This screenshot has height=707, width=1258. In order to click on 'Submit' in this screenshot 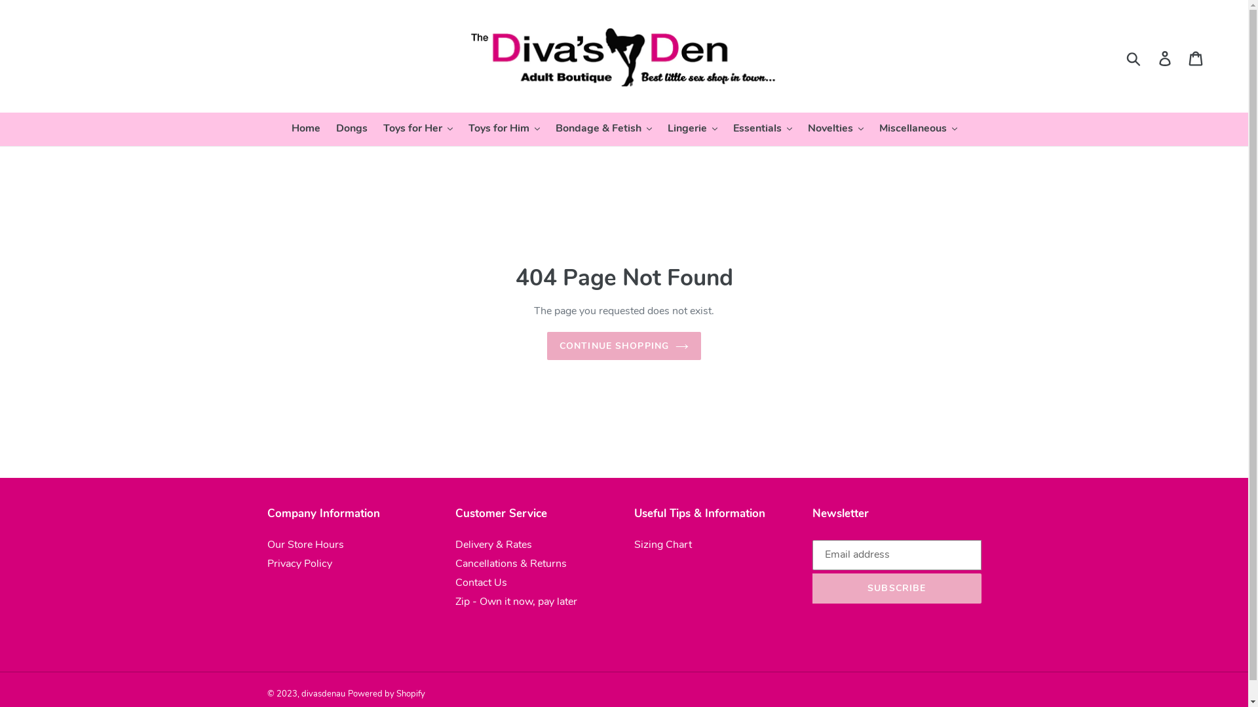, I will do `click(1118, 57)`.